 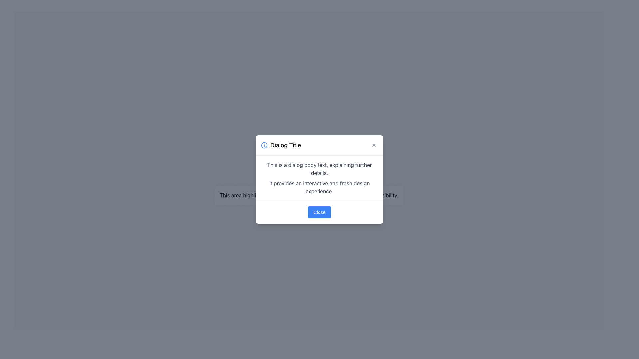 I want to click on the text block that contains two lines of descriptive text styled in gray, located inside the dialog box beneath the title 'Dialog Title' and above the 'Close' button, so click(x=319, y=178).